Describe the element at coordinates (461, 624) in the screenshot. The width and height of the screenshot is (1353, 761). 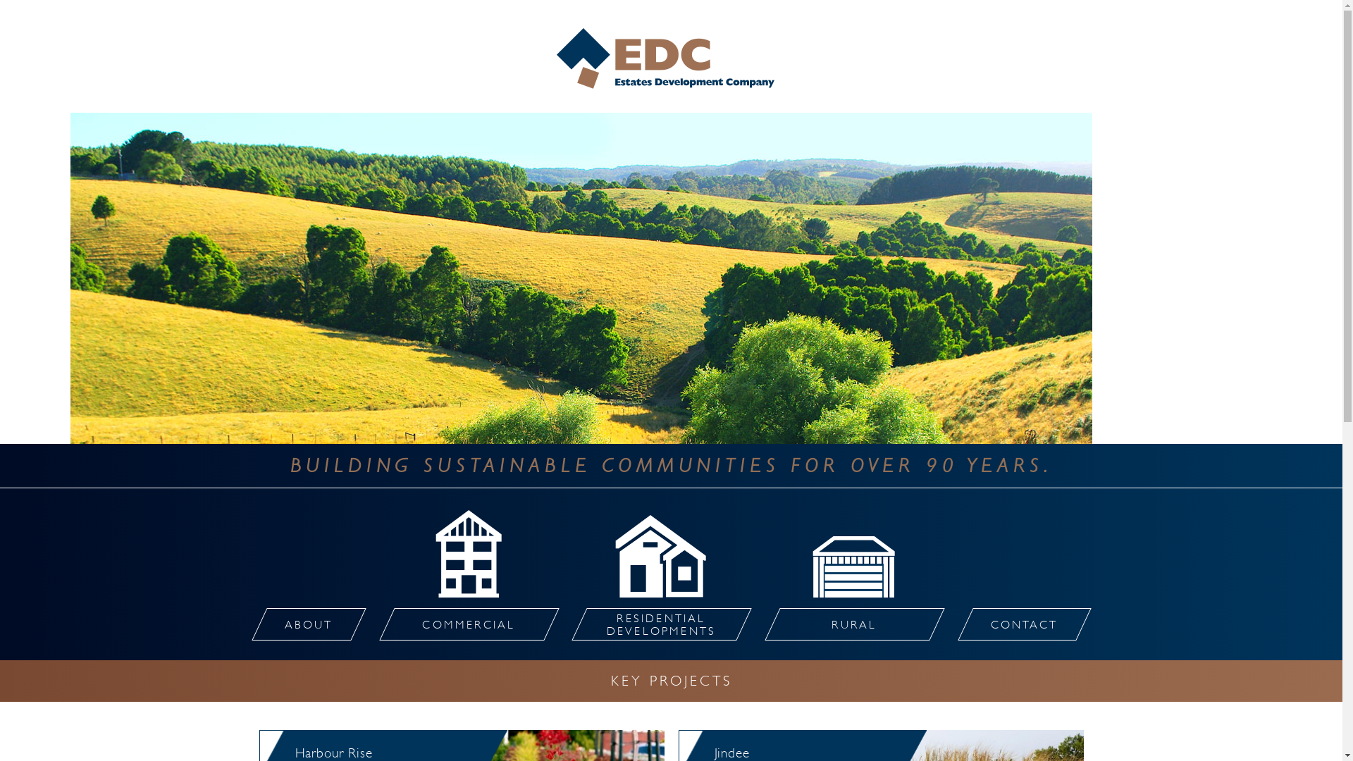
I see `'COMMERCIAL'` at that location.